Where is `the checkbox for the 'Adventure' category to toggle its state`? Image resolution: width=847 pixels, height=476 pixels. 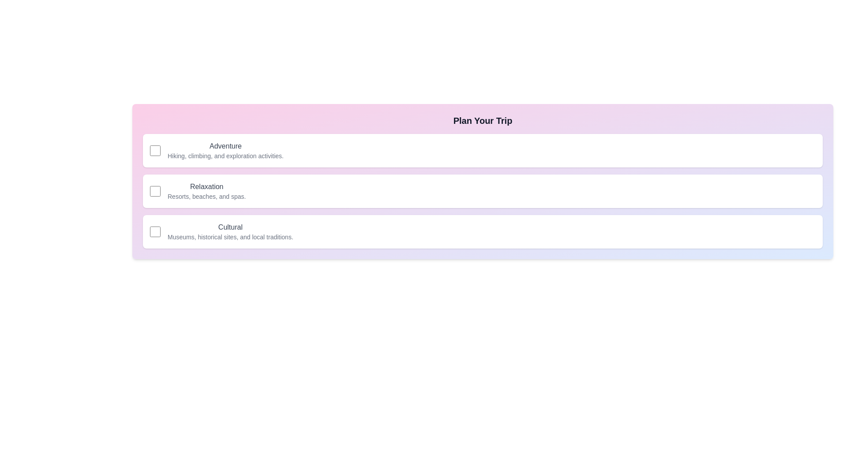 the checkbox for the 'Adventure' category to toggle its state is located at coordinates (155, 150).